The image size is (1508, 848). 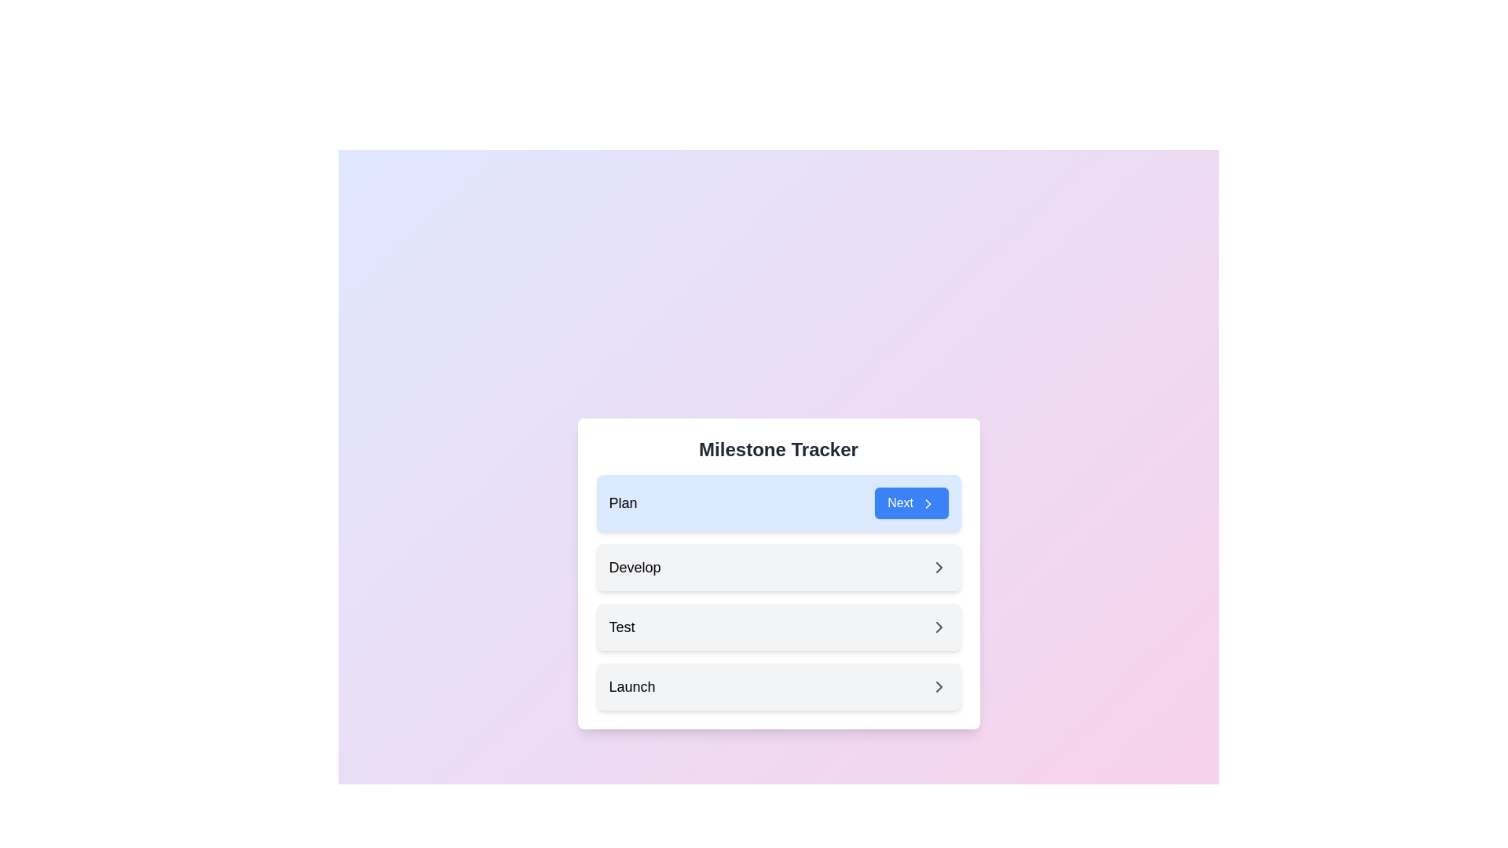 What do you see at coordinates (778, 626) in the screenshot?
I see `the third item in the 'Milestone Tracker' list` at bounding box center [778, 626].